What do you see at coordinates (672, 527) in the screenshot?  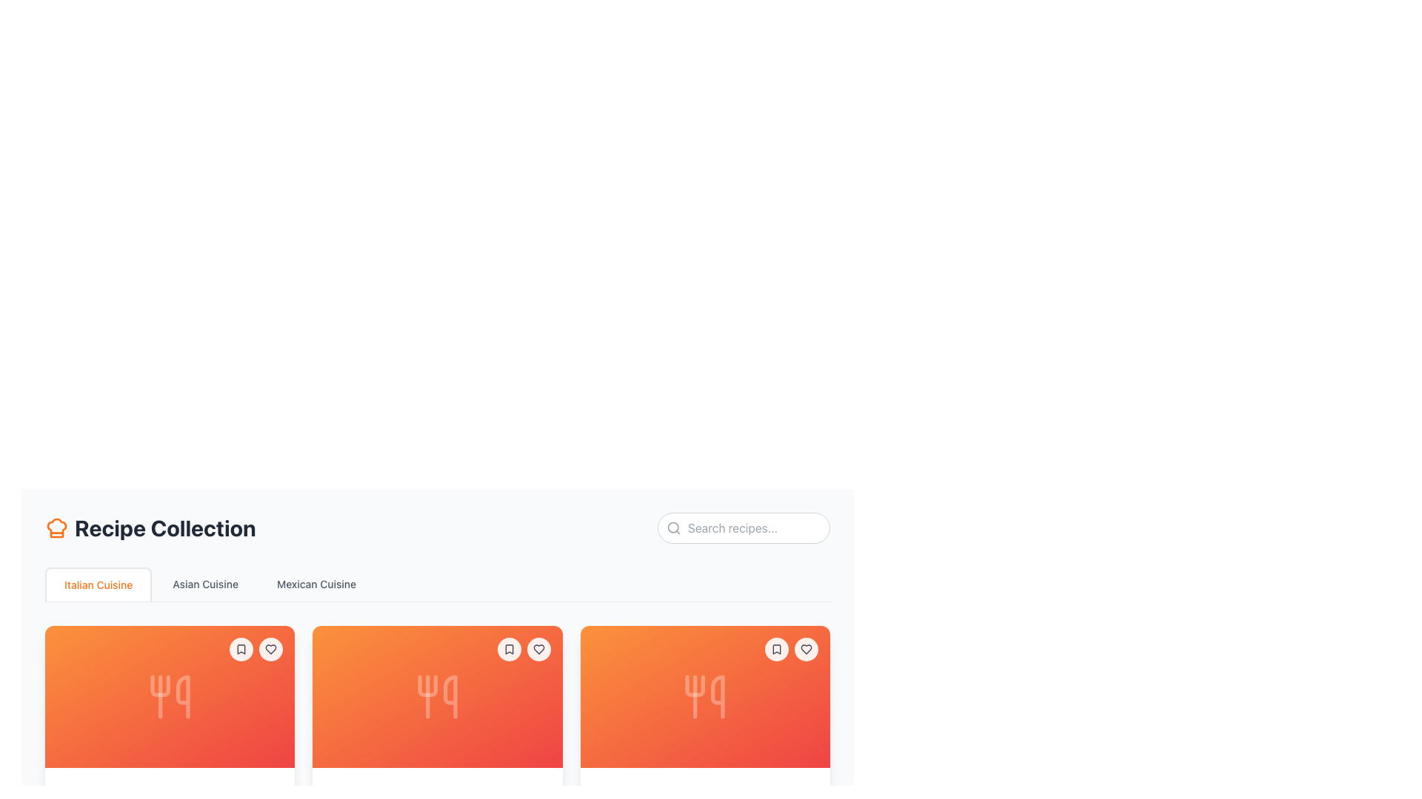 I see `the circular part of the search icon located near the center of the magnifying glass illustration within the search bar` at bounding box center [672, 527].